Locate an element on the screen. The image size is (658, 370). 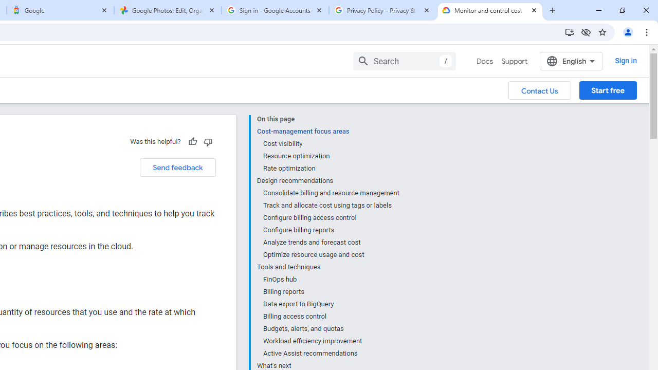
'Contact Us' is located at coordinates (539, 89).